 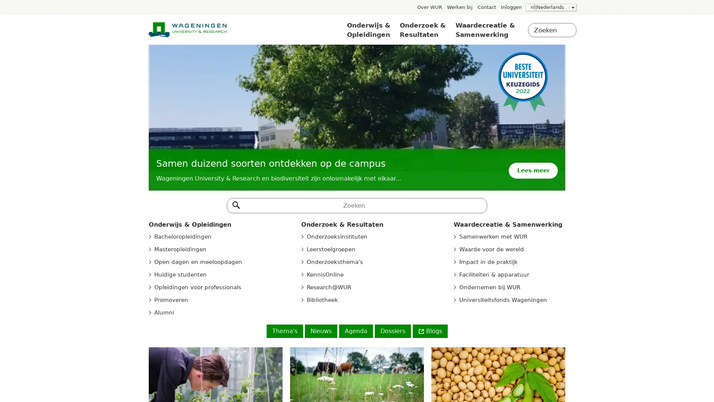 What do you see at coordinates (235, 203) in the screenshot?
I see `Zoeken` at bounding box center [235, 203].